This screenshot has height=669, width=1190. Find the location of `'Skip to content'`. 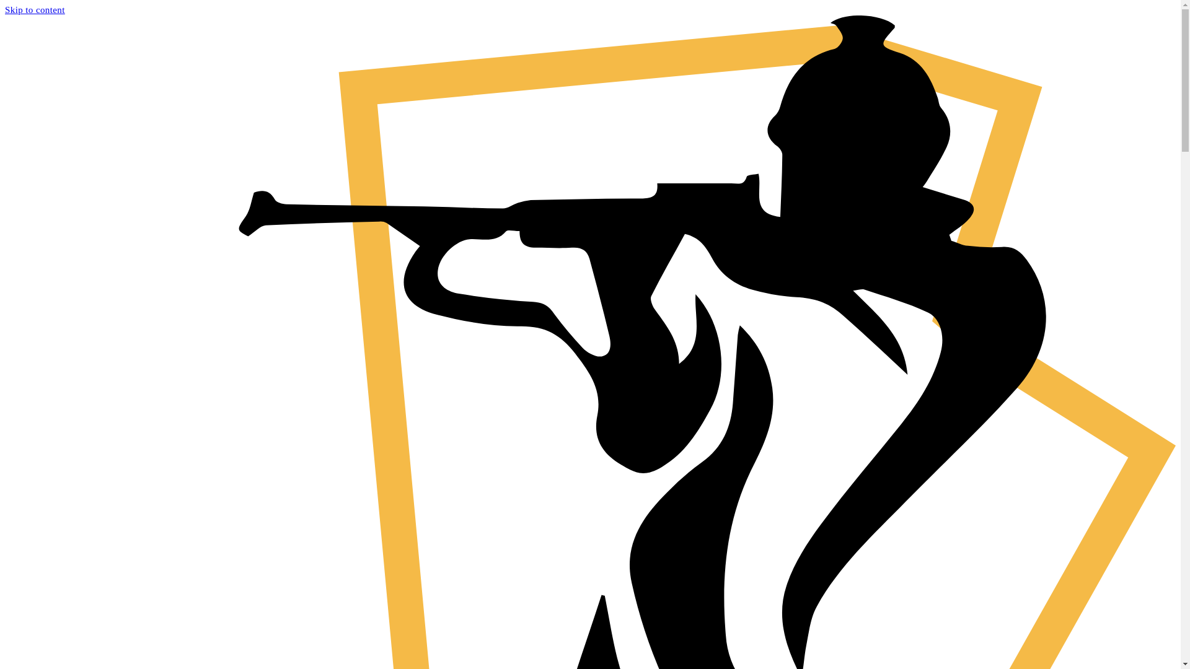

'Skip to content' is located at coordinates (35, 9).